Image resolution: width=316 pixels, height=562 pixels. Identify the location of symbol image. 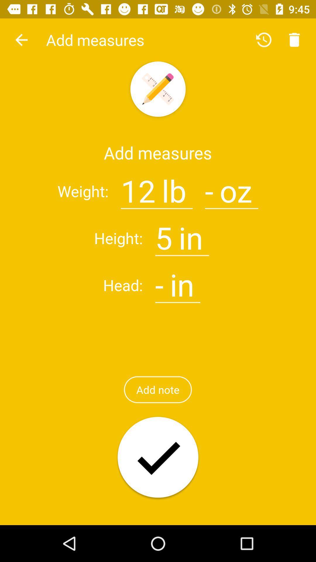
(209, 187).